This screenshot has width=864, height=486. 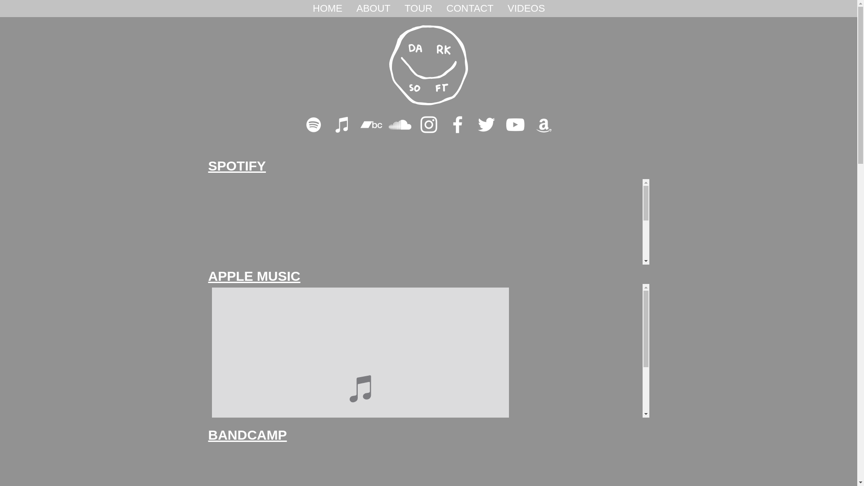 What do you see at coordinates (237, 166) in the screenshot?
I see `'SPOTIFY'` at bounding box center [237, 166].